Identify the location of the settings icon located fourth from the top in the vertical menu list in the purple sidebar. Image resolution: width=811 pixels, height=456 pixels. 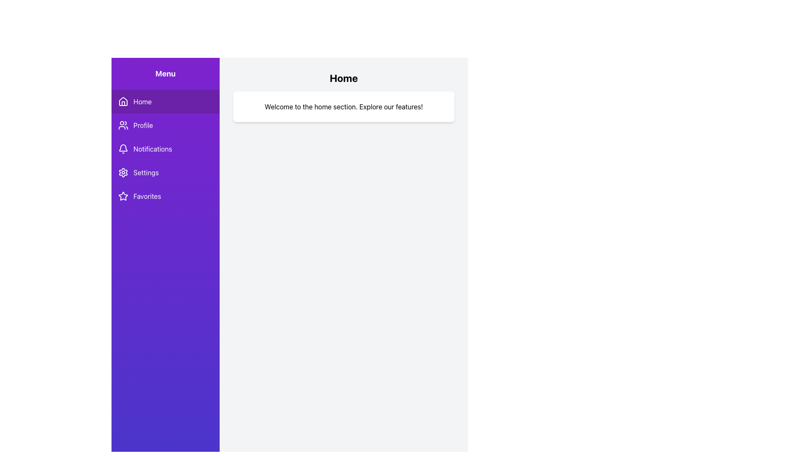
(123, 172).